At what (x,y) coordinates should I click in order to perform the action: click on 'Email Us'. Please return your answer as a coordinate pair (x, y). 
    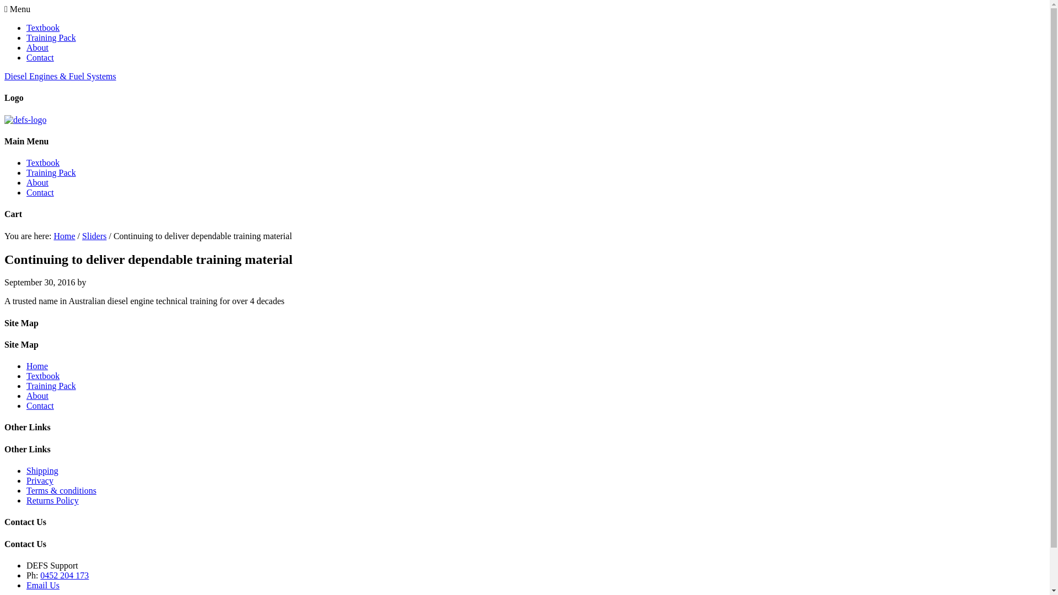
    Looking at the image, I should click on (42, 585).